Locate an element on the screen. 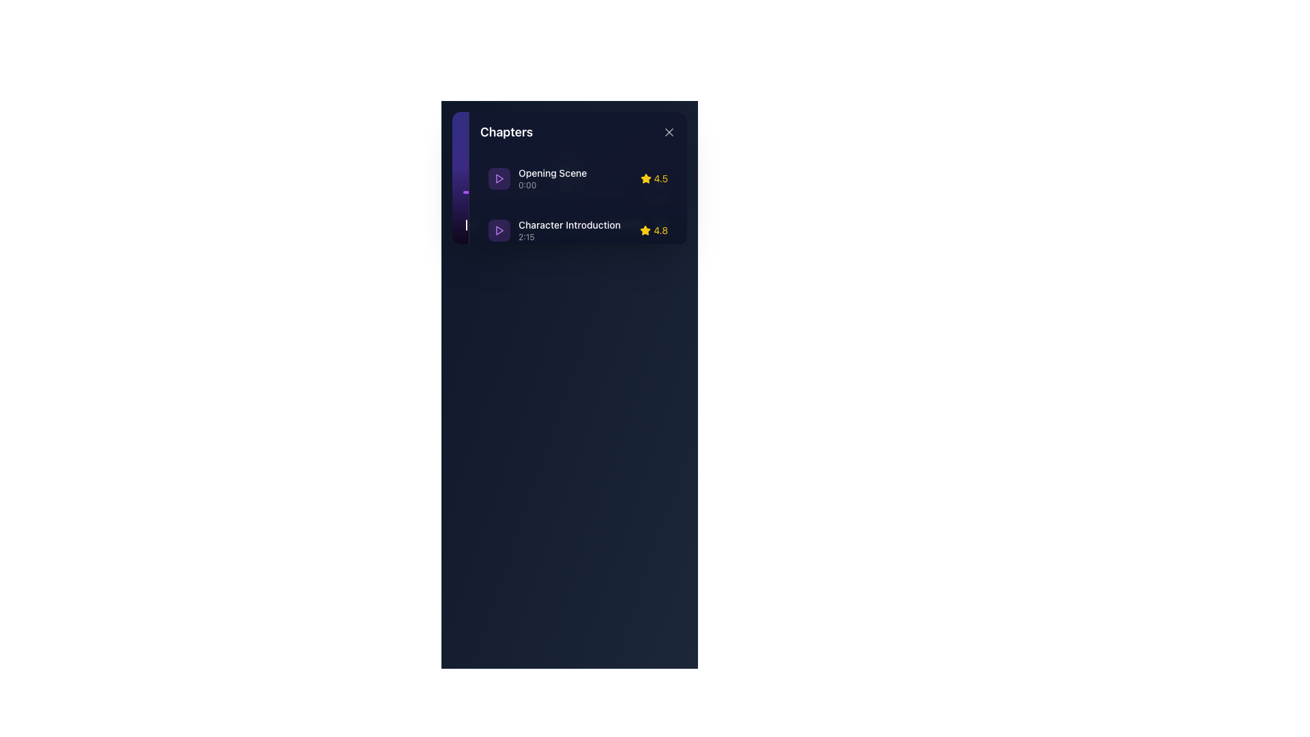 This screenshot has width=1310, height=737. the 'Character Introduction' text in the second list item under the 'Chapters' section is located at coordinates (554, 230).